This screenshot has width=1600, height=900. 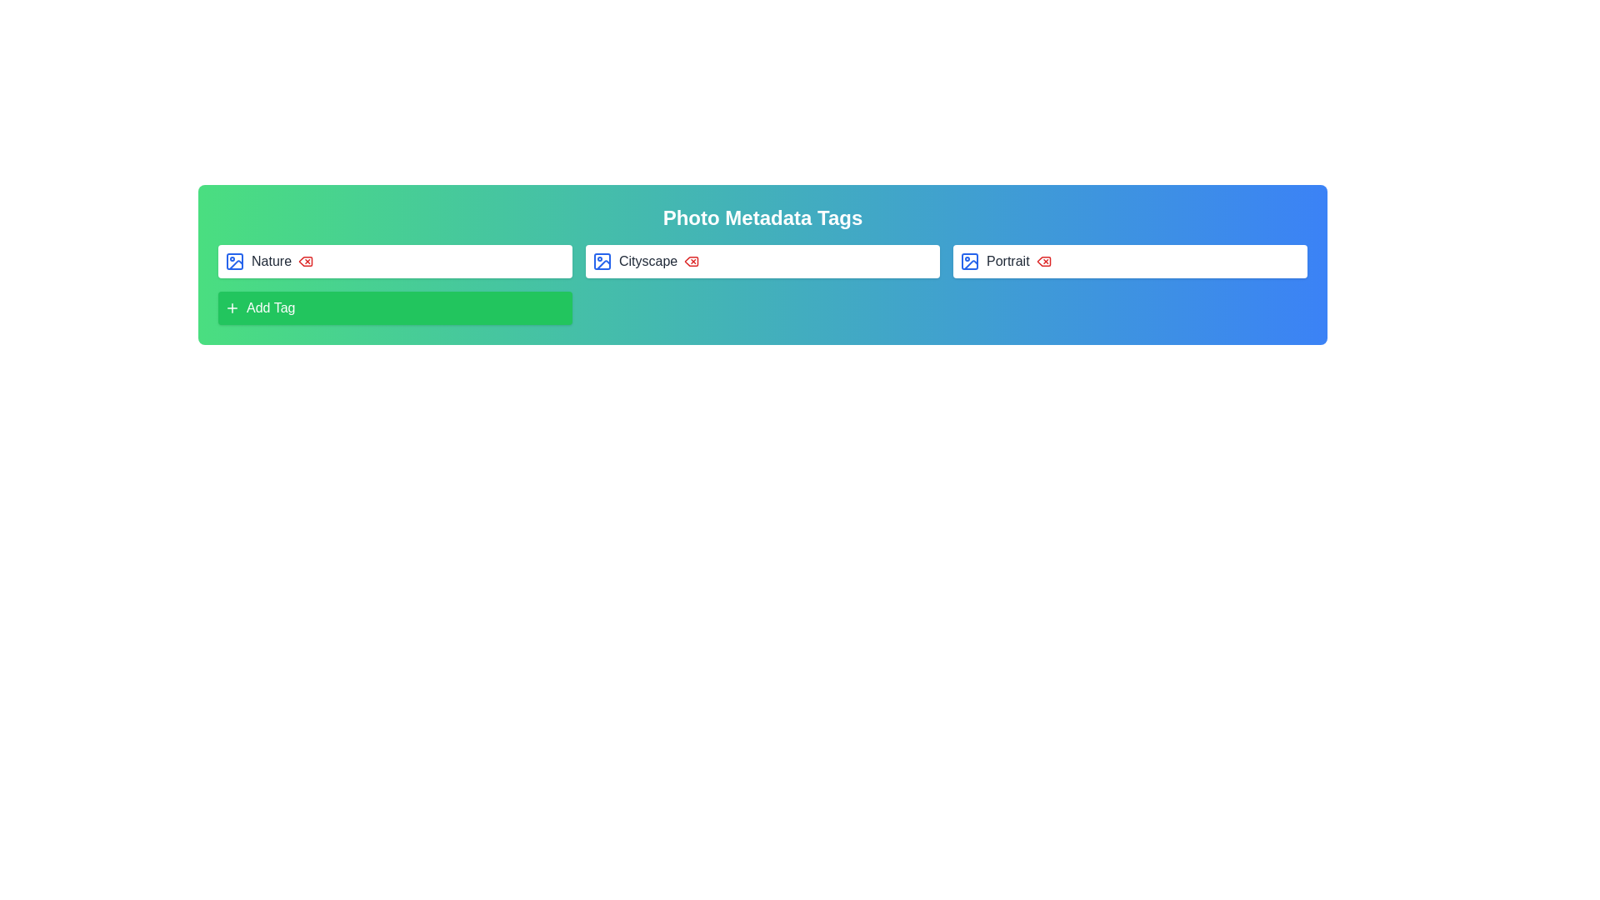 I want to click on the blue-stroked mountain and sun icon within the 'Cityscape' tag section, which is the first visual component from the left, so click(x=602, y=261).